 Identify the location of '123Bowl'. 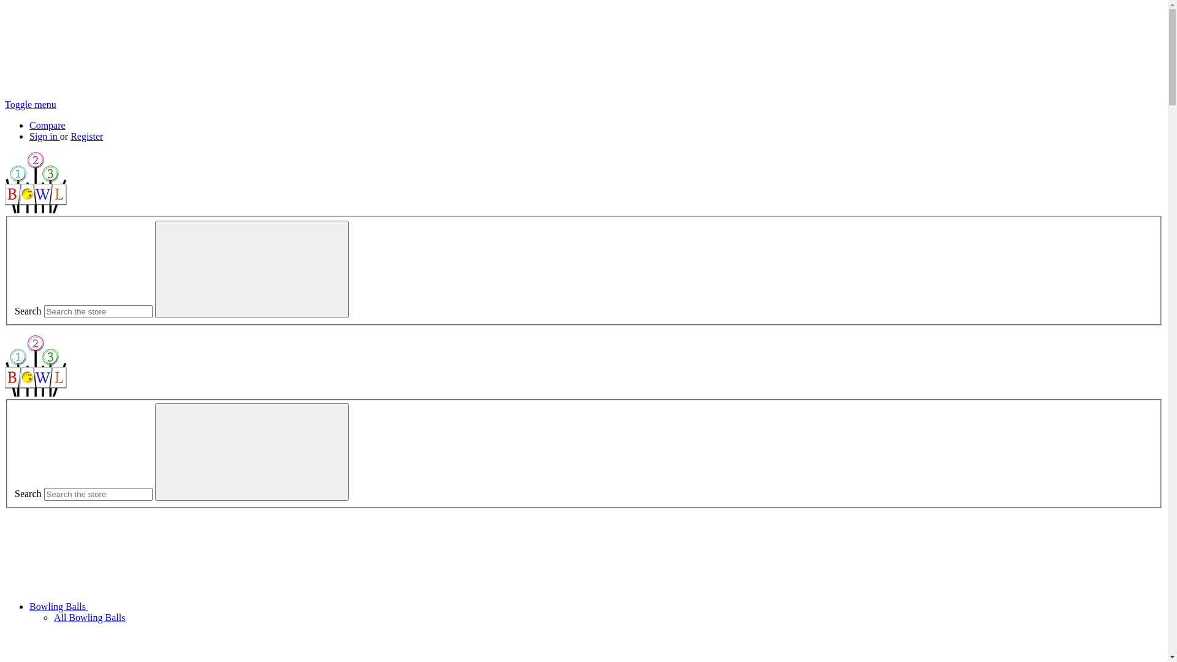
(36, 182).